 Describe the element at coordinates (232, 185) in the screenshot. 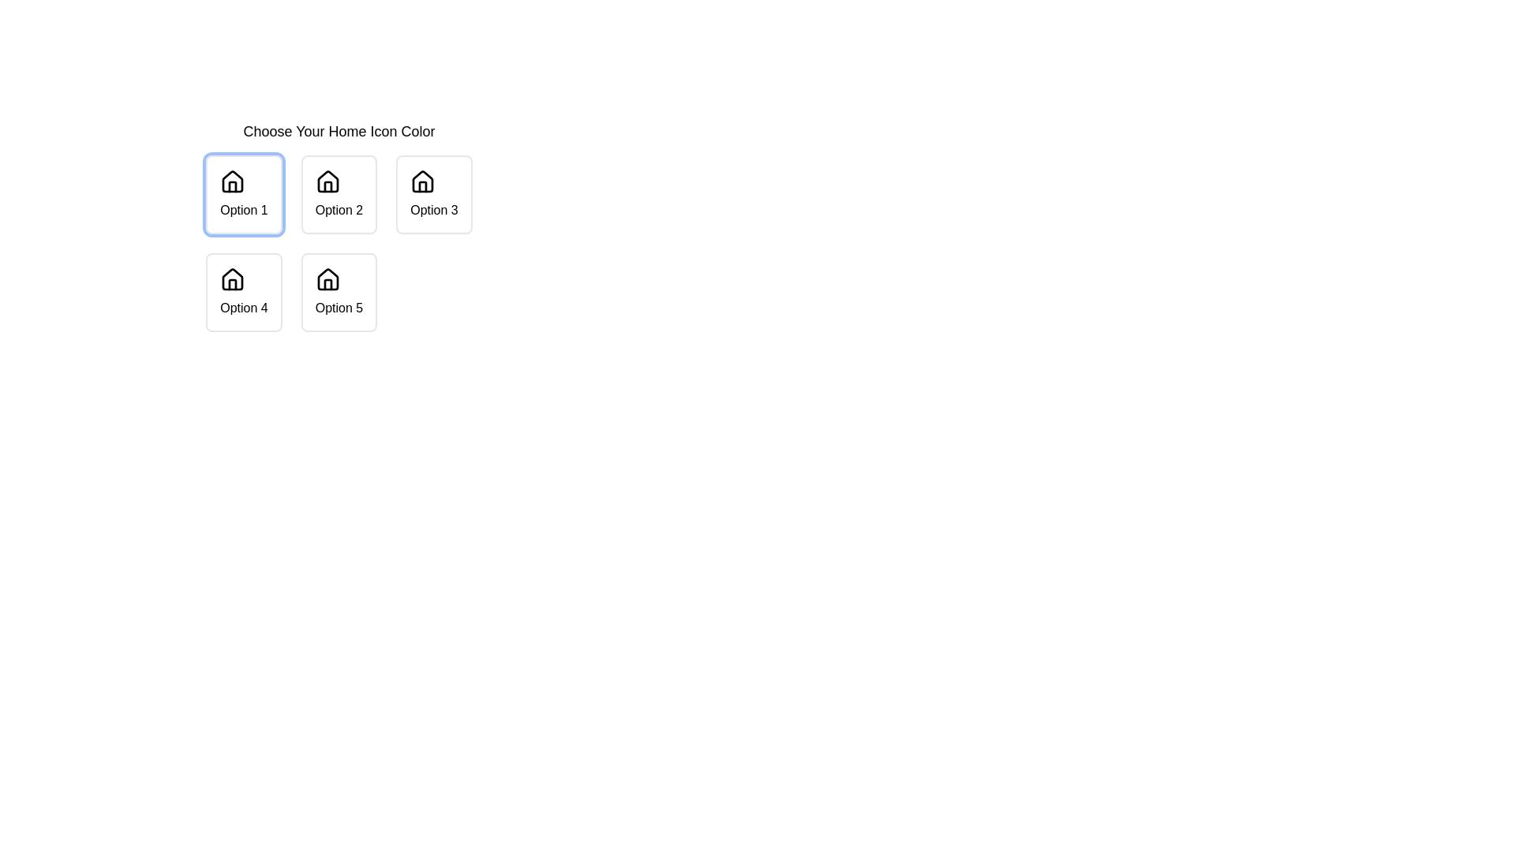

I see `door element of the house icon in the first selectable card under 'Choose Your Home Icon Color' for debugging purposes` at that location.